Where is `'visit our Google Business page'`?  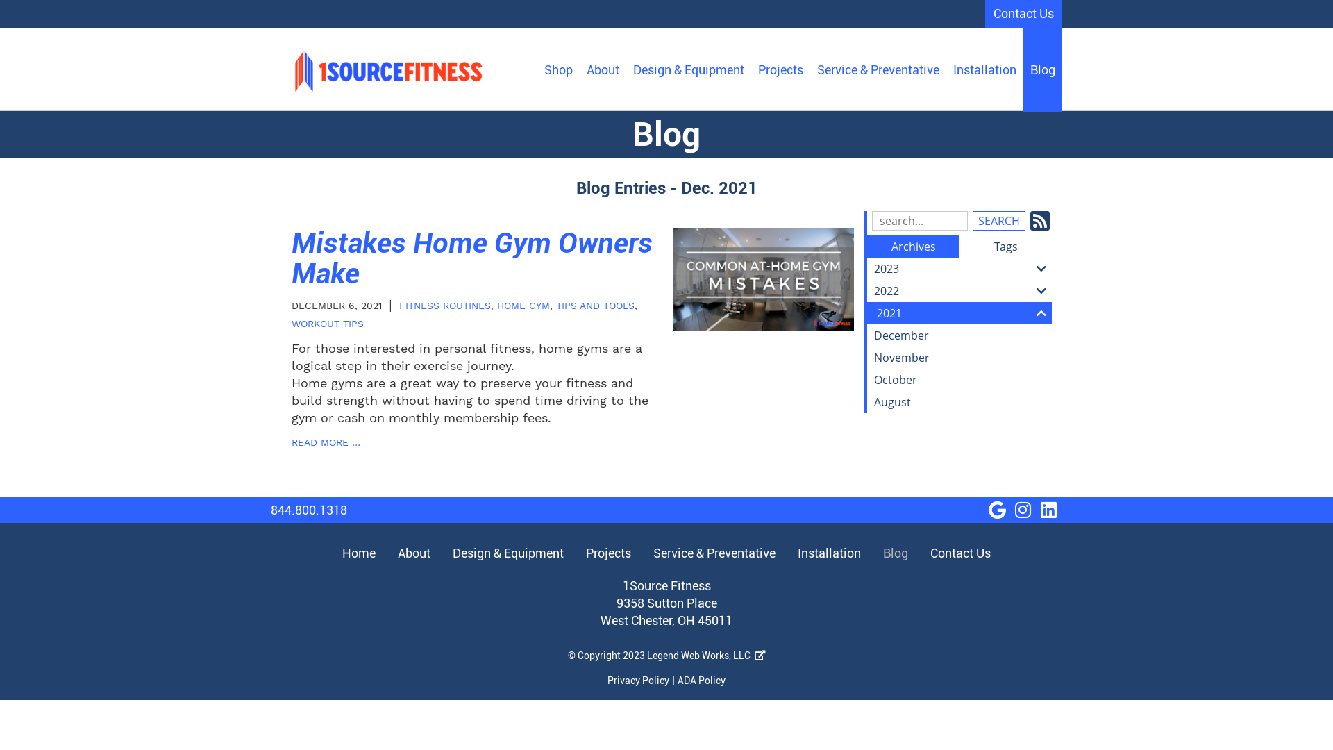 'visit our Google Business page' is located at coordinates (996, 509).